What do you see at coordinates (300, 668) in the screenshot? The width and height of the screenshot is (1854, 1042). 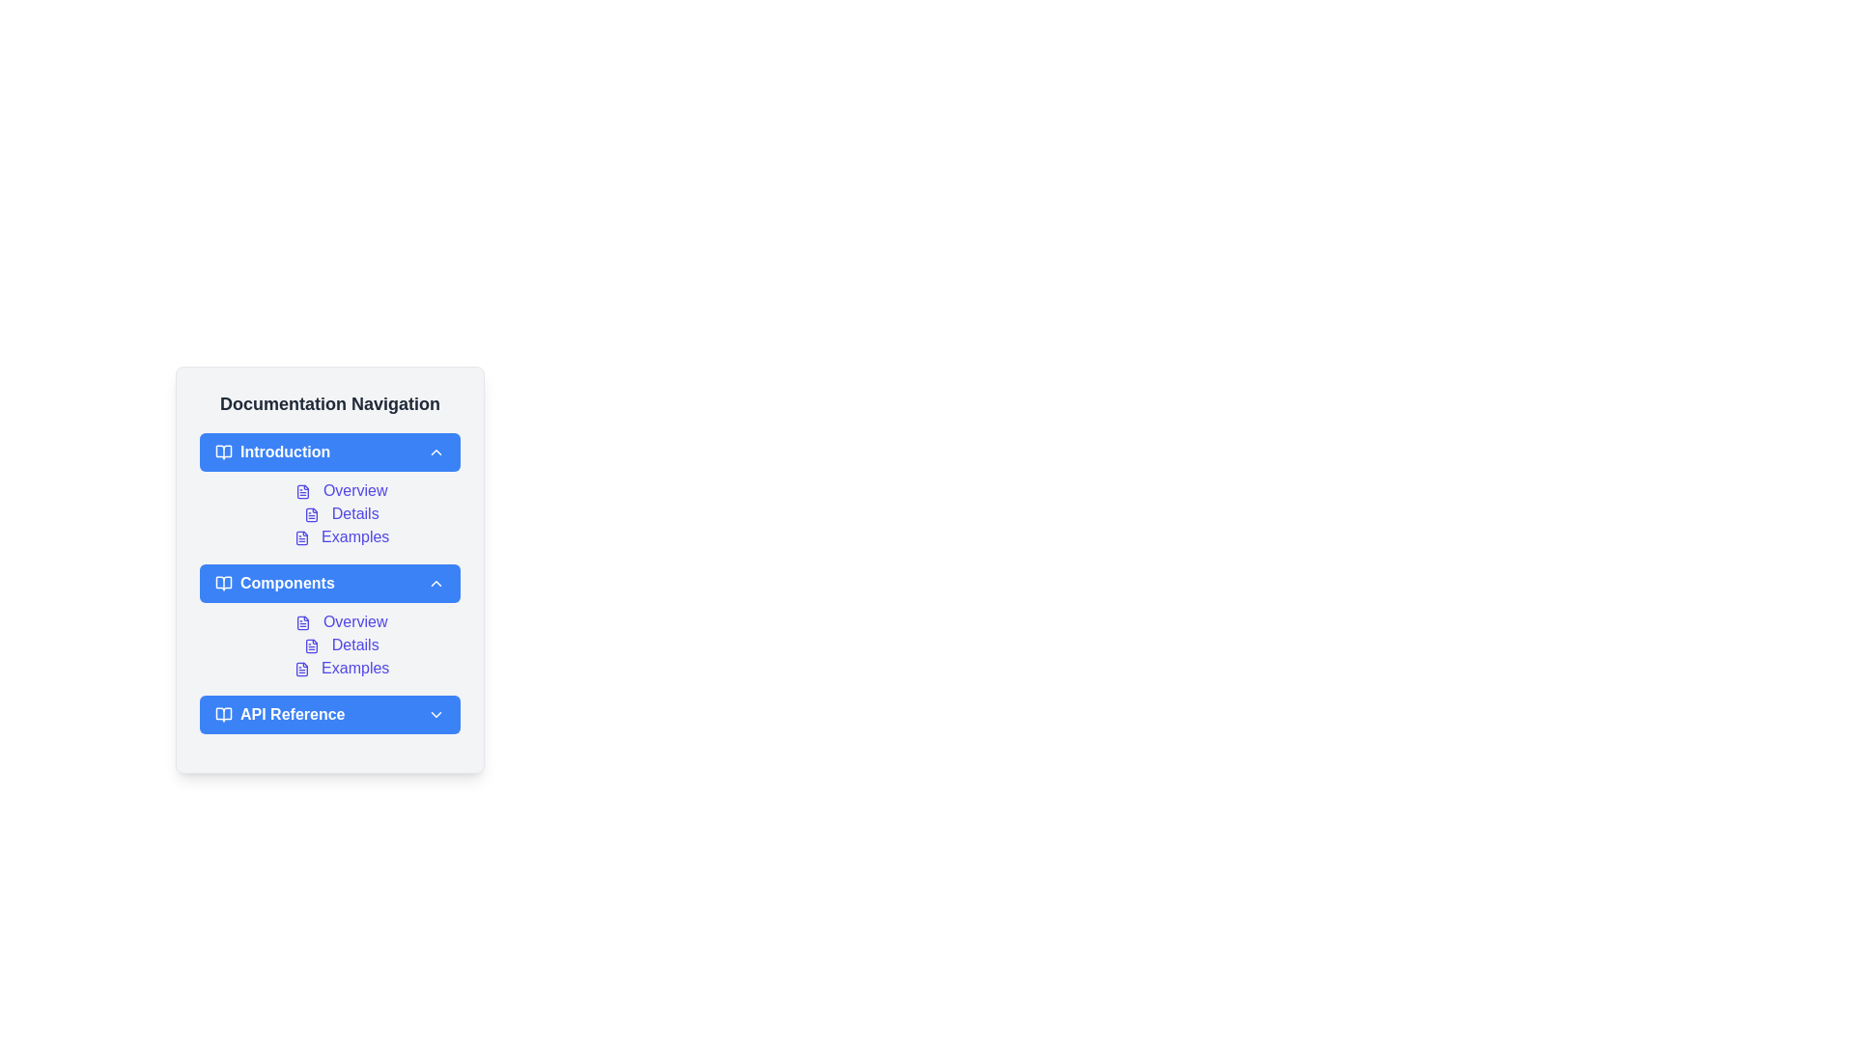 I see `the document or file icon located in the 'Examples' row under the 'Components' section of the navigation menu, which is positioned to the left of the 'Examples' text` at bounding box center [300, 668].